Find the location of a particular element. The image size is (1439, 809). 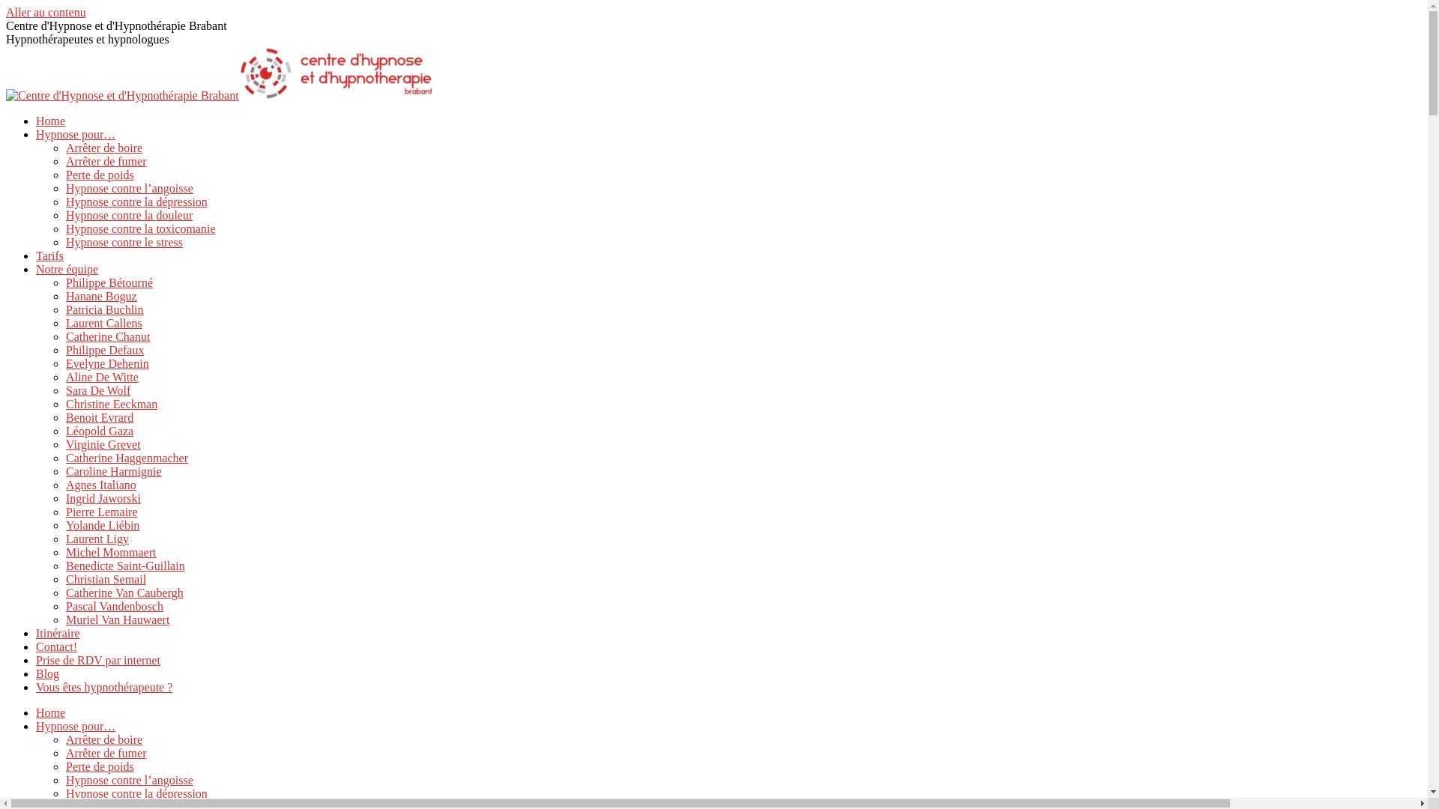

'Christine Eeckman' is located at coordinates (110, 403).